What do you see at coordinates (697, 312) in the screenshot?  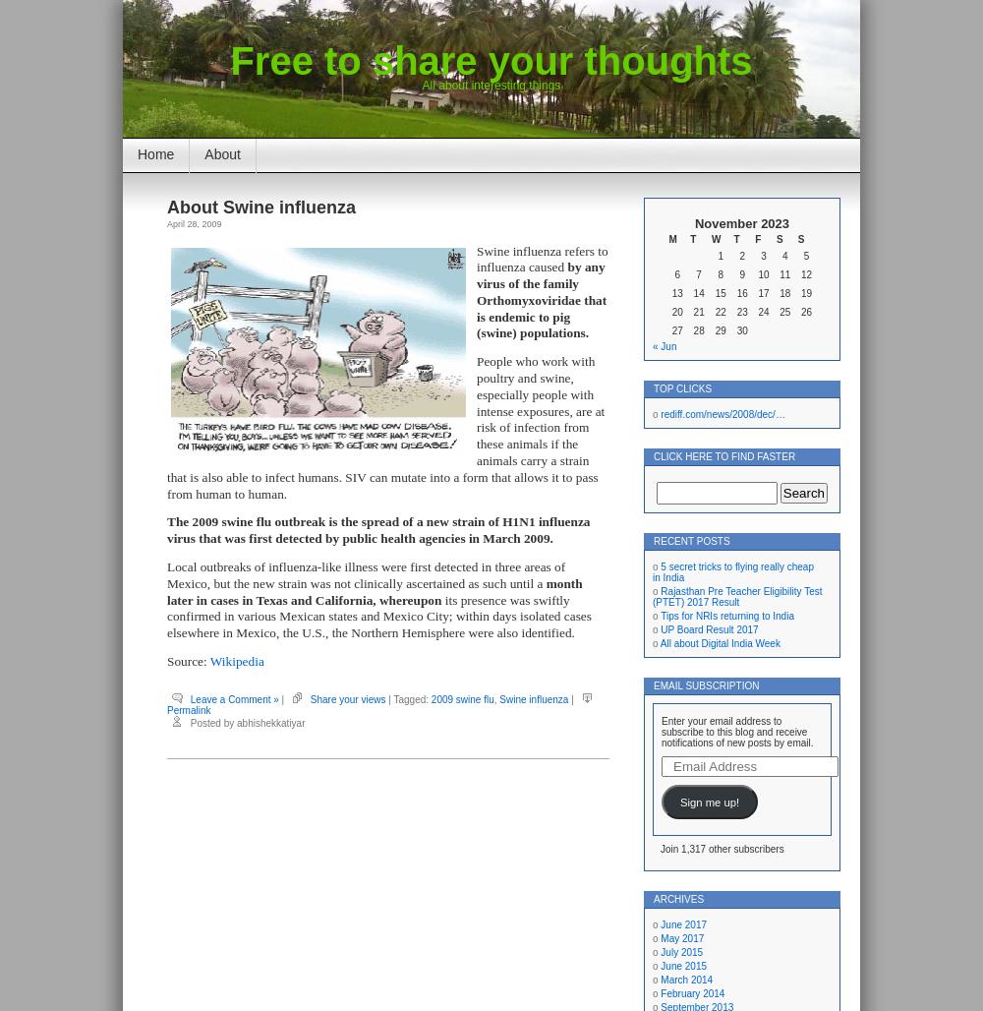 I see `'21'` at bounding box center [697, 312].